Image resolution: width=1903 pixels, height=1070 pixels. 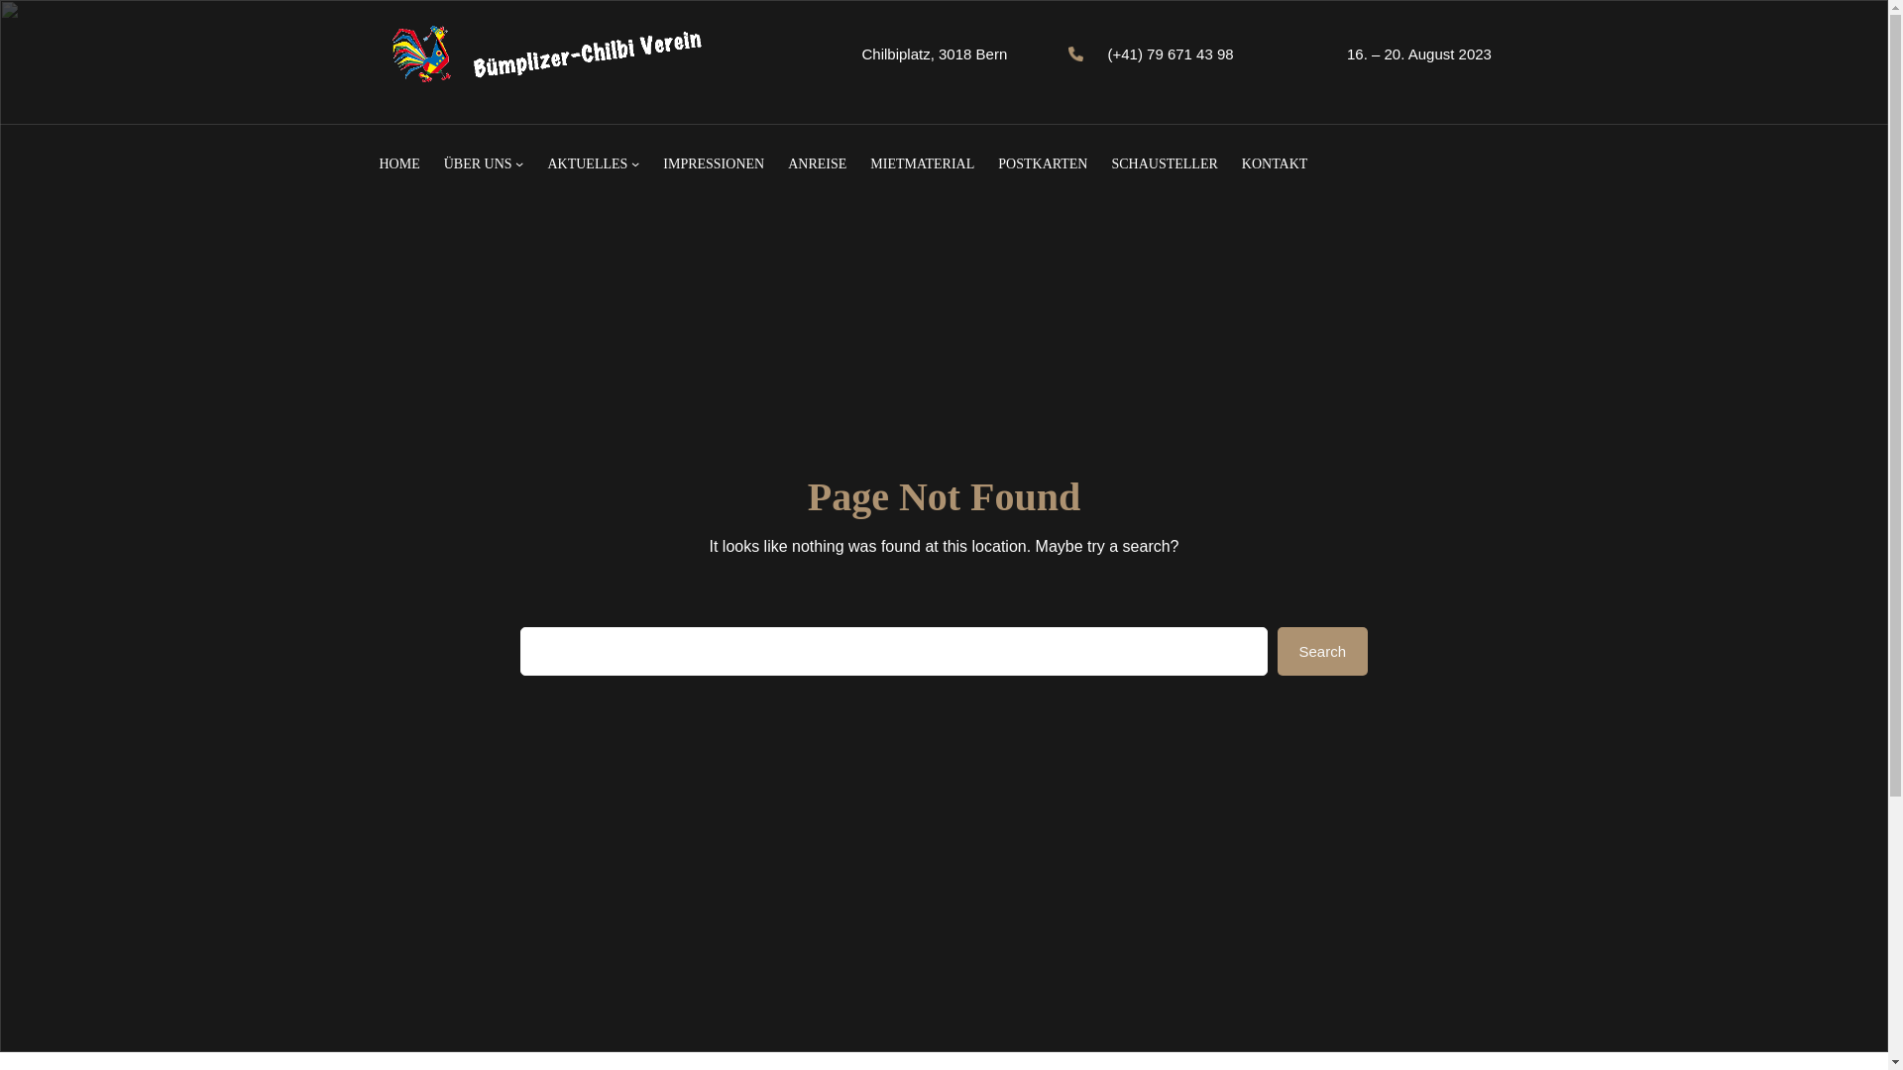 I want to click on 'SCHAUSTELLER', so click(x=1164, y=162).